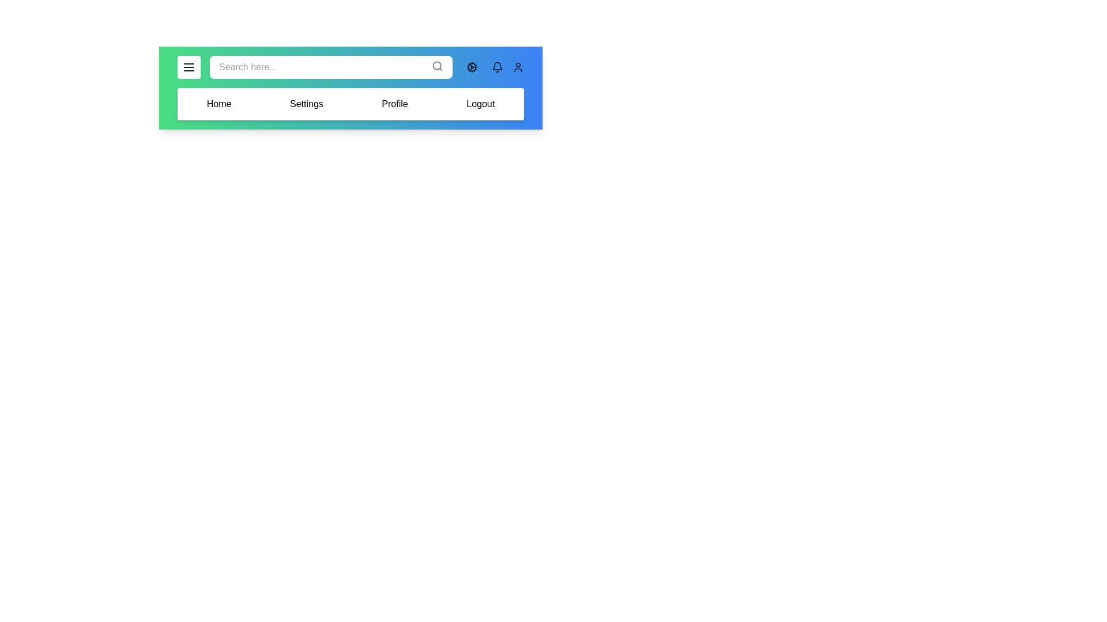 This screenshot has height=622, width=1107. I want to click on the user profile icon to open the user profile menu, so click(517, 67).